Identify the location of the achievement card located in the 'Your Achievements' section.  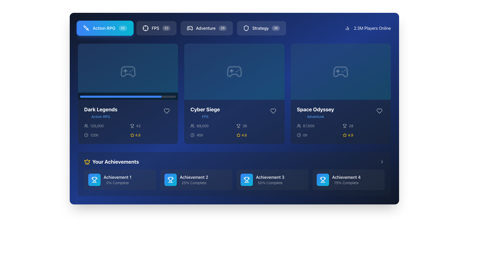
(272, 180).